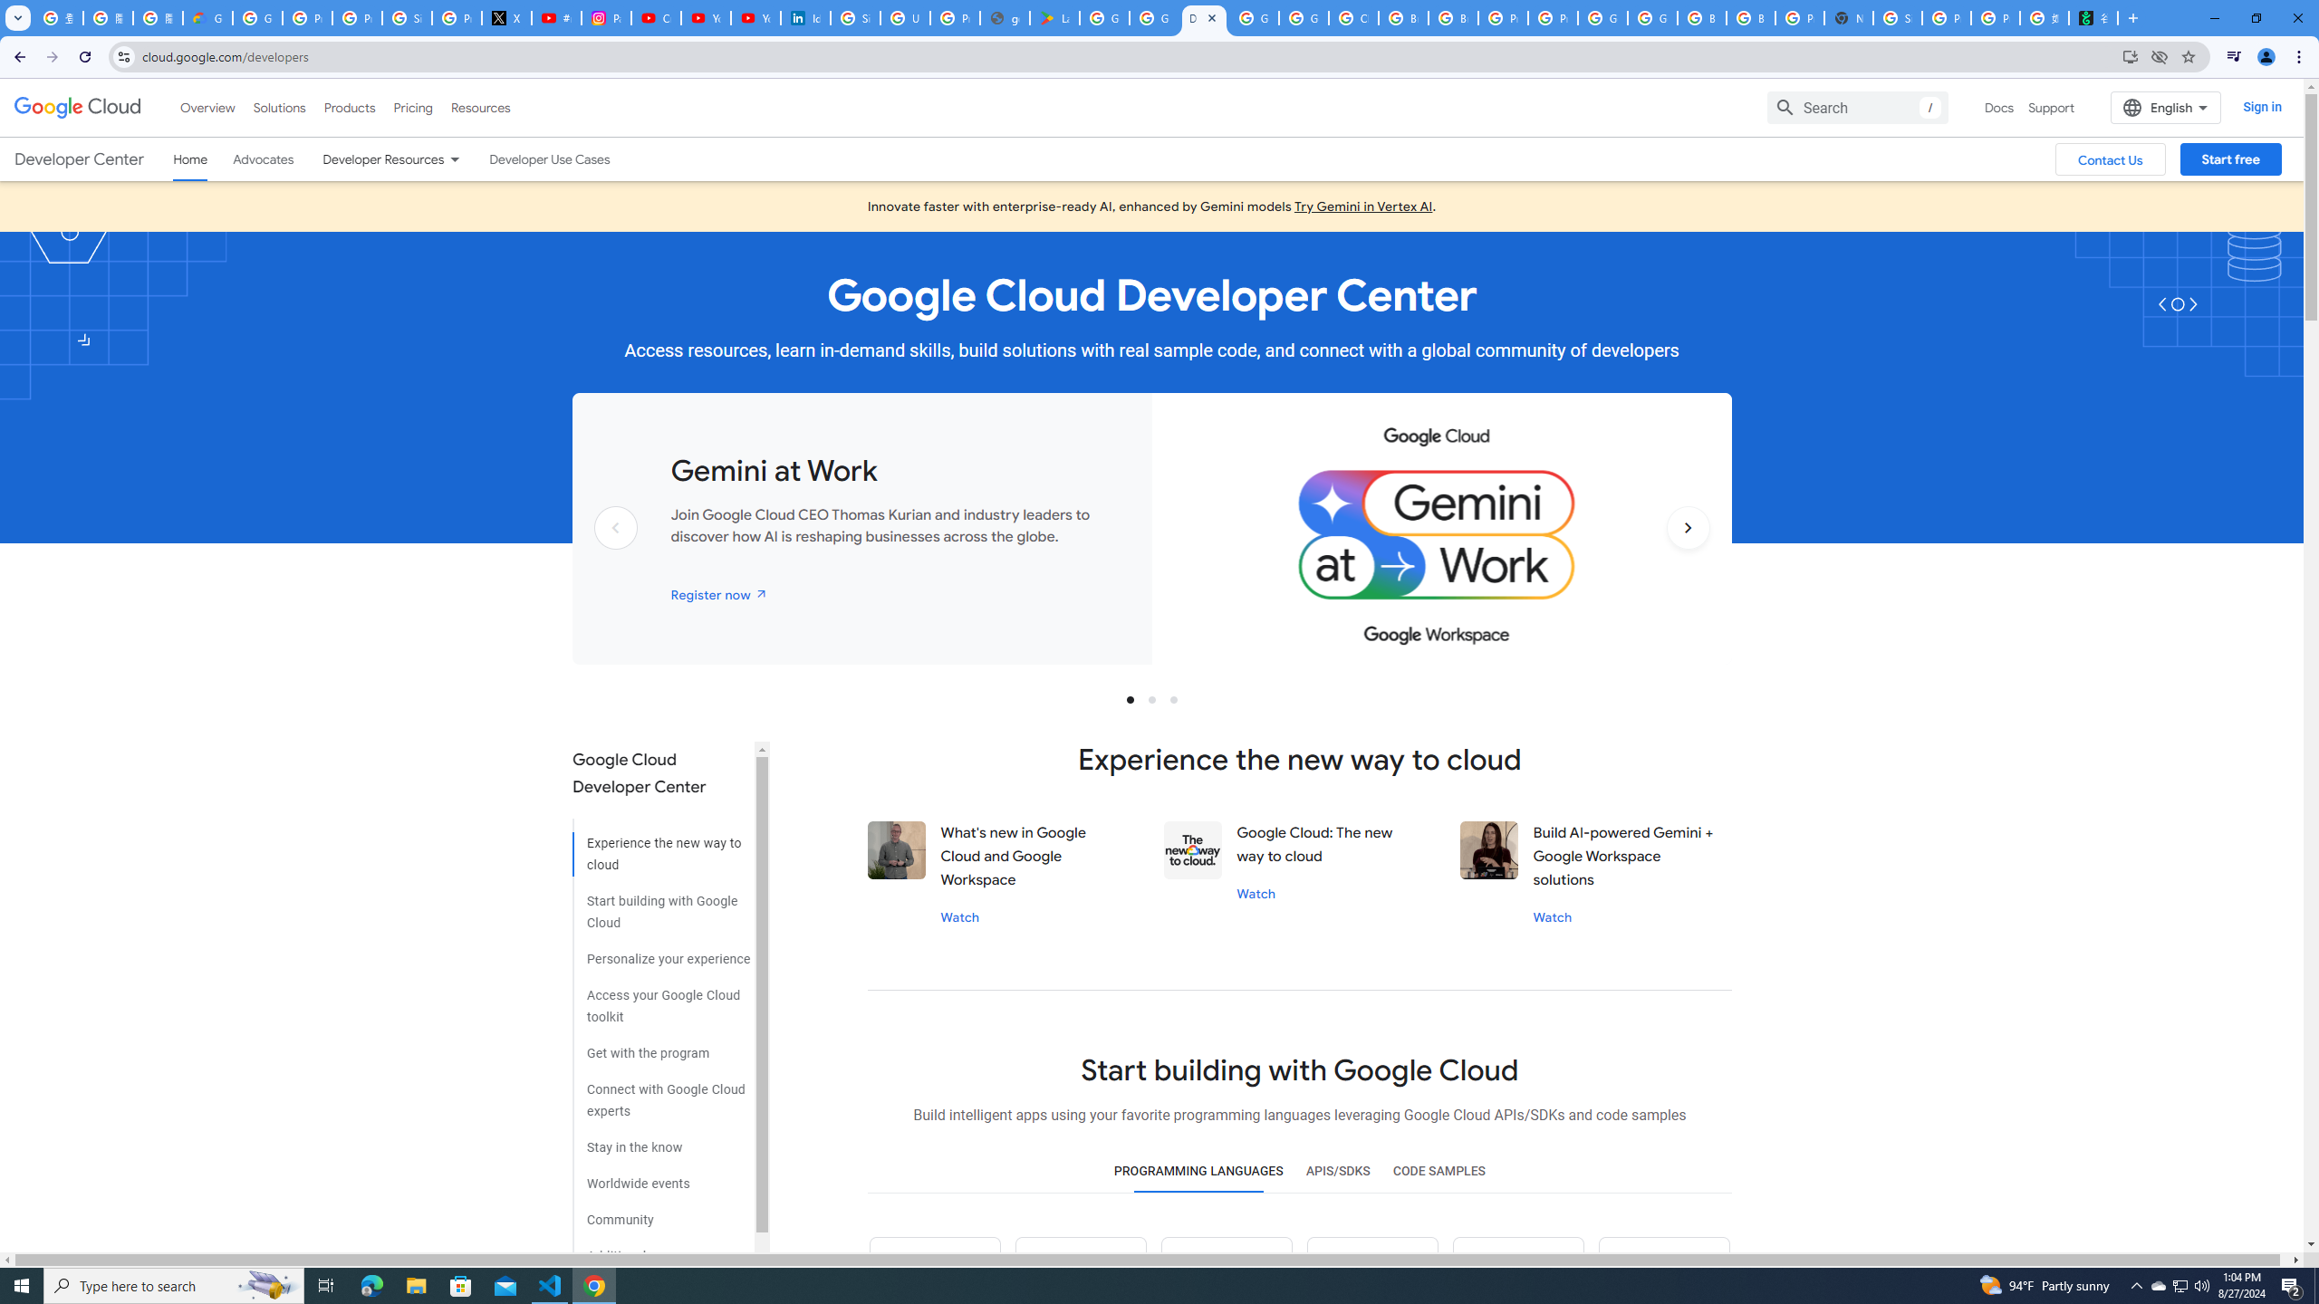 The height and width of the screenshot is (1304, 2319). Describe the element at coordinates (78, 159) in the screenshot. I see `'Developer Center'` at that location.